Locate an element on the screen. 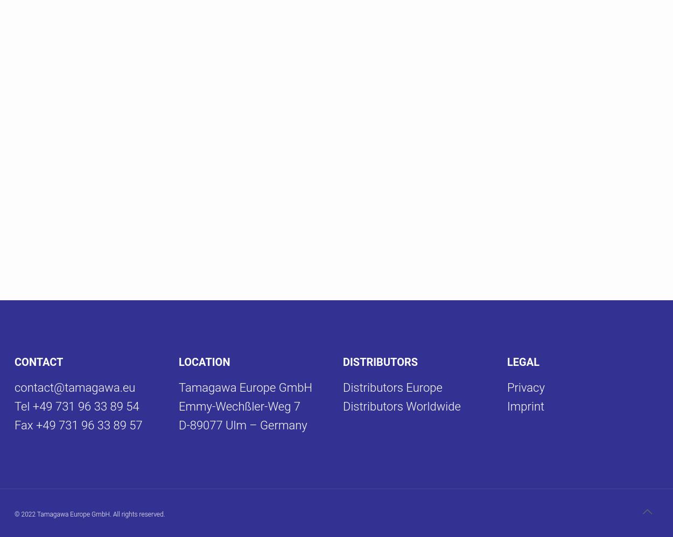 This screenshot has width=673, height=537. 'Distributors Worldwide' is located at coordinates (401, 406).